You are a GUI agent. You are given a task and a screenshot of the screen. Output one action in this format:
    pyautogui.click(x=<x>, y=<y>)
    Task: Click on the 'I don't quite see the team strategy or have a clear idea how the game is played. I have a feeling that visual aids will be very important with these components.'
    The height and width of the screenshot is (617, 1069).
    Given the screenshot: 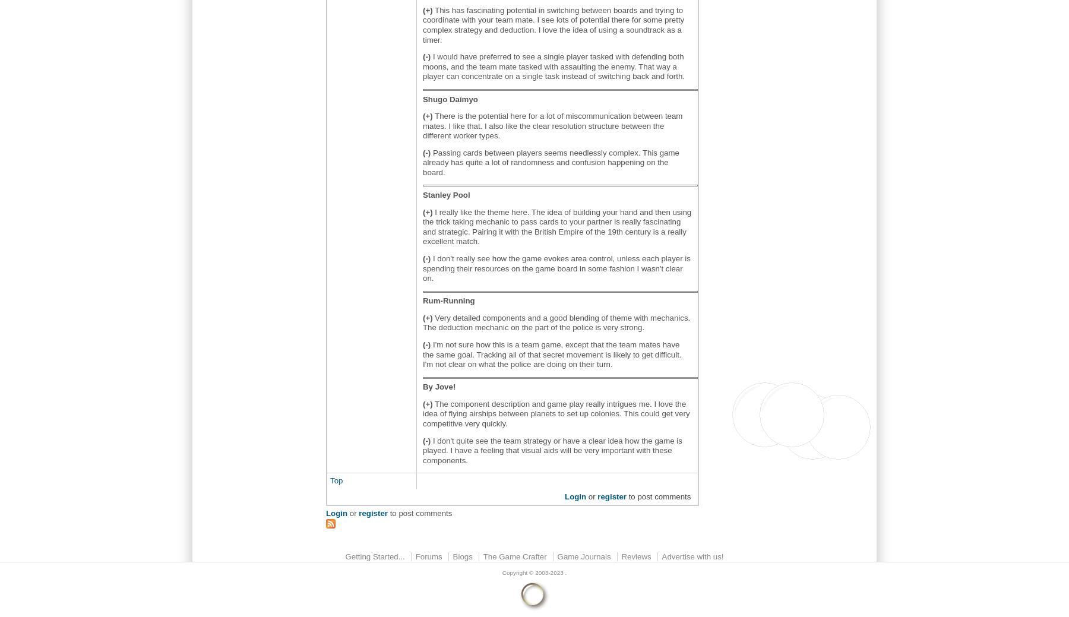 What is the action you would take?
    pyautogui.click(x=552, y=449)
    